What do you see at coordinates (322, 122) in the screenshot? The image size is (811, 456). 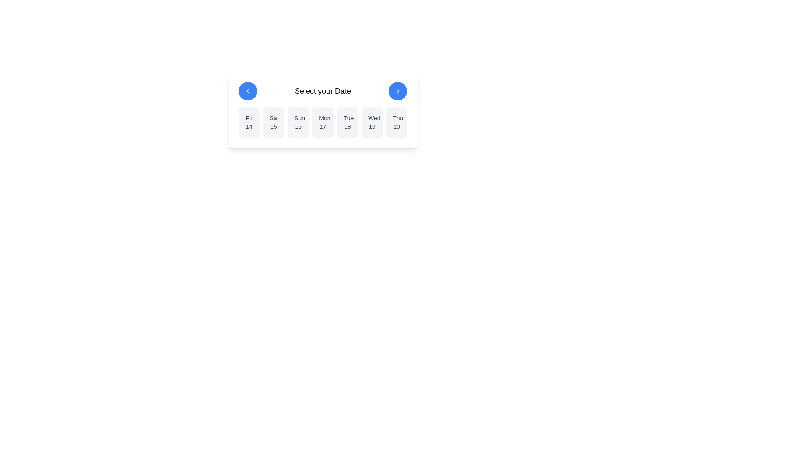 I see `the date selector button displaying 'Mon 17'` at bounding box center [322, 122].